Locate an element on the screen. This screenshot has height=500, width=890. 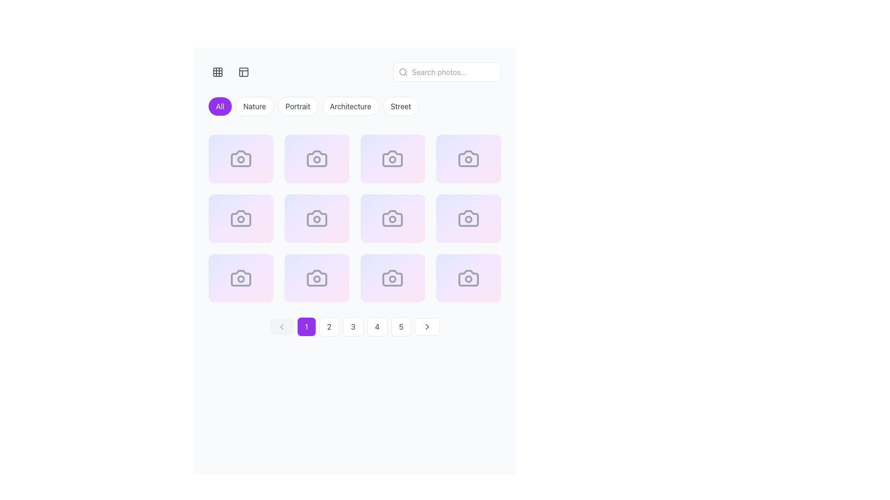
to select the Gallery card element featuring the title 'Photograph #8' and category 'portrait' located in the fourth column of the second row of the grid layout is located at coordinates (469, 219).